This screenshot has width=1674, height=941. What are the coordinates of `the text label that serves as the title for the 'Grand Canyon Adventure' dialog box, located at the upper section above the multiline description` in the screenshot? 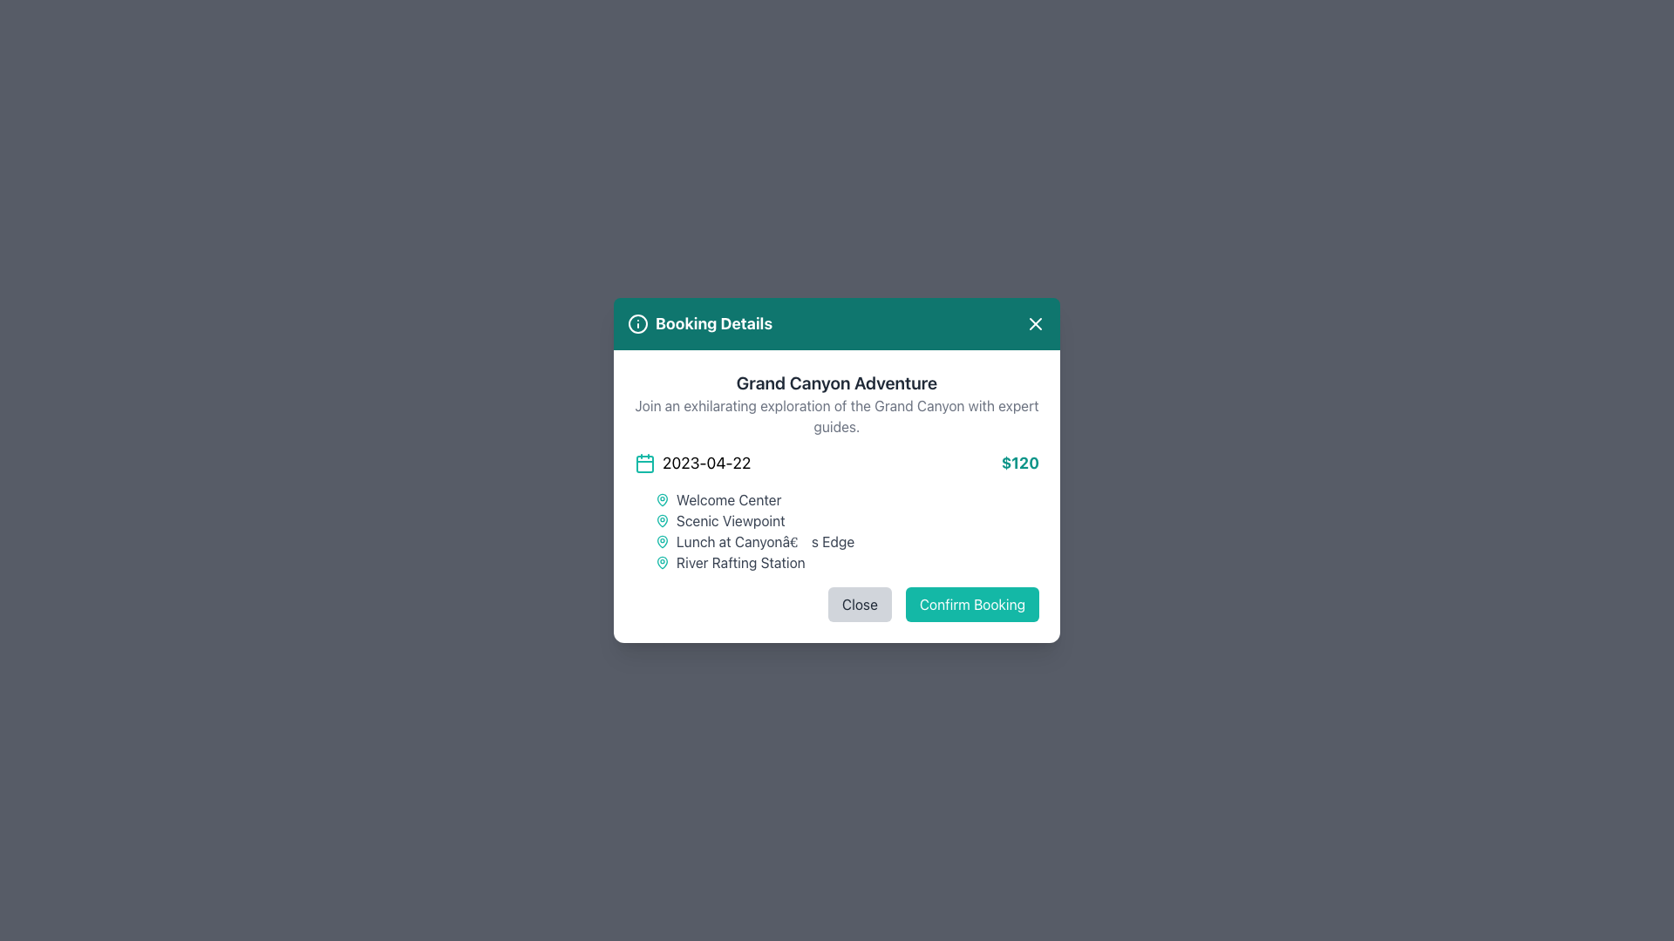 It's located at (837, 382).